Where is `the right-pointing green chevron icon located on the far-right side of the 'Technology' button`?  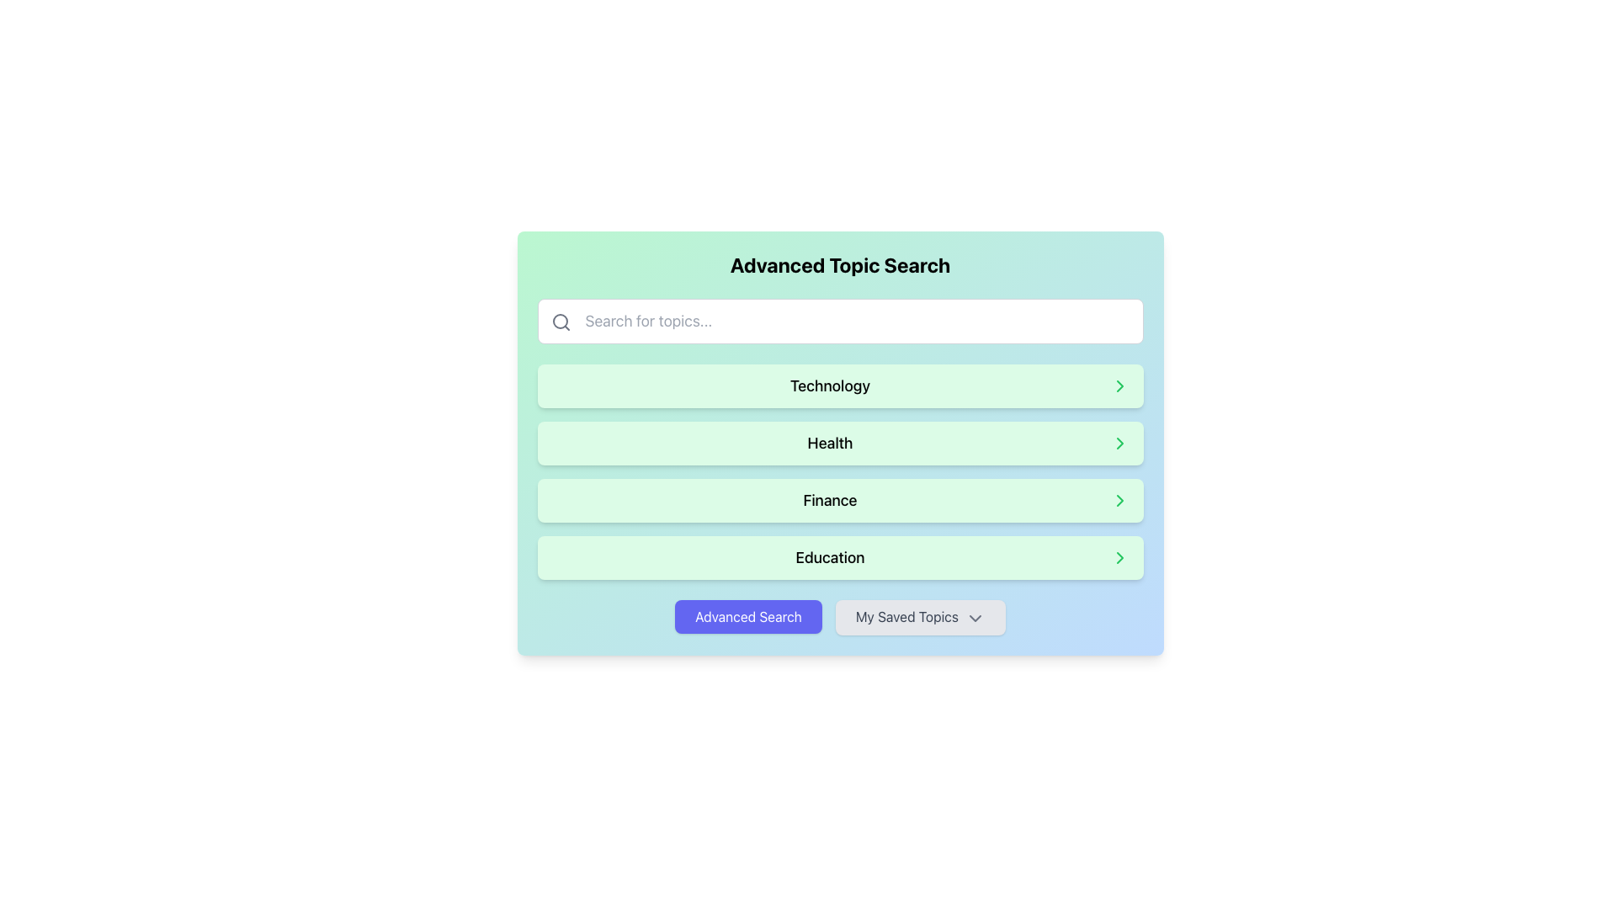
the right-pointing green chevron icon located on the far-right side of the 'Technology' button is located at coordinates (1119, 386).